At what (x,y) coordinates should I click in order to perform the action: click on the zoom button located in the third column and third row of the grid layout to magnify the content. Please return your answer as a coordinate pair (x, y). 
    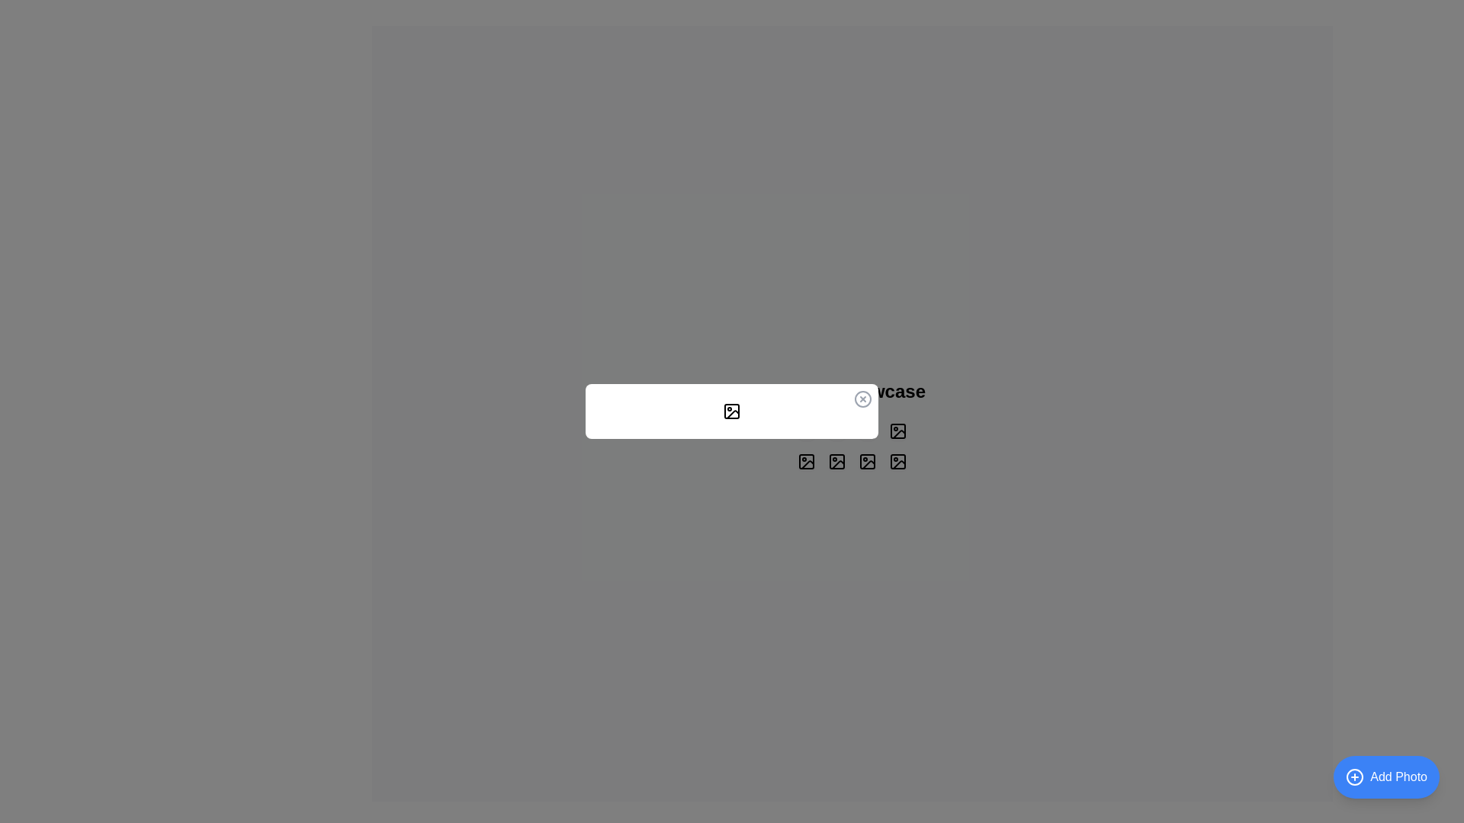
    Looking at the image, I should click on (836, 460).